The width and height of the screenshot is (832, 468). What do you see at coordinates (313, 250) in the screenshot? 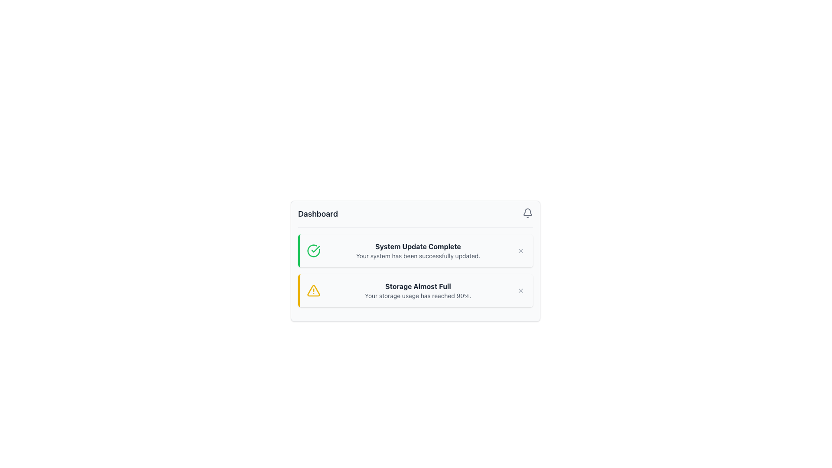
I see `the green circular checkmark icon representing a success status for the 'System Update Complete' notification` at bounding box center [313, 250].